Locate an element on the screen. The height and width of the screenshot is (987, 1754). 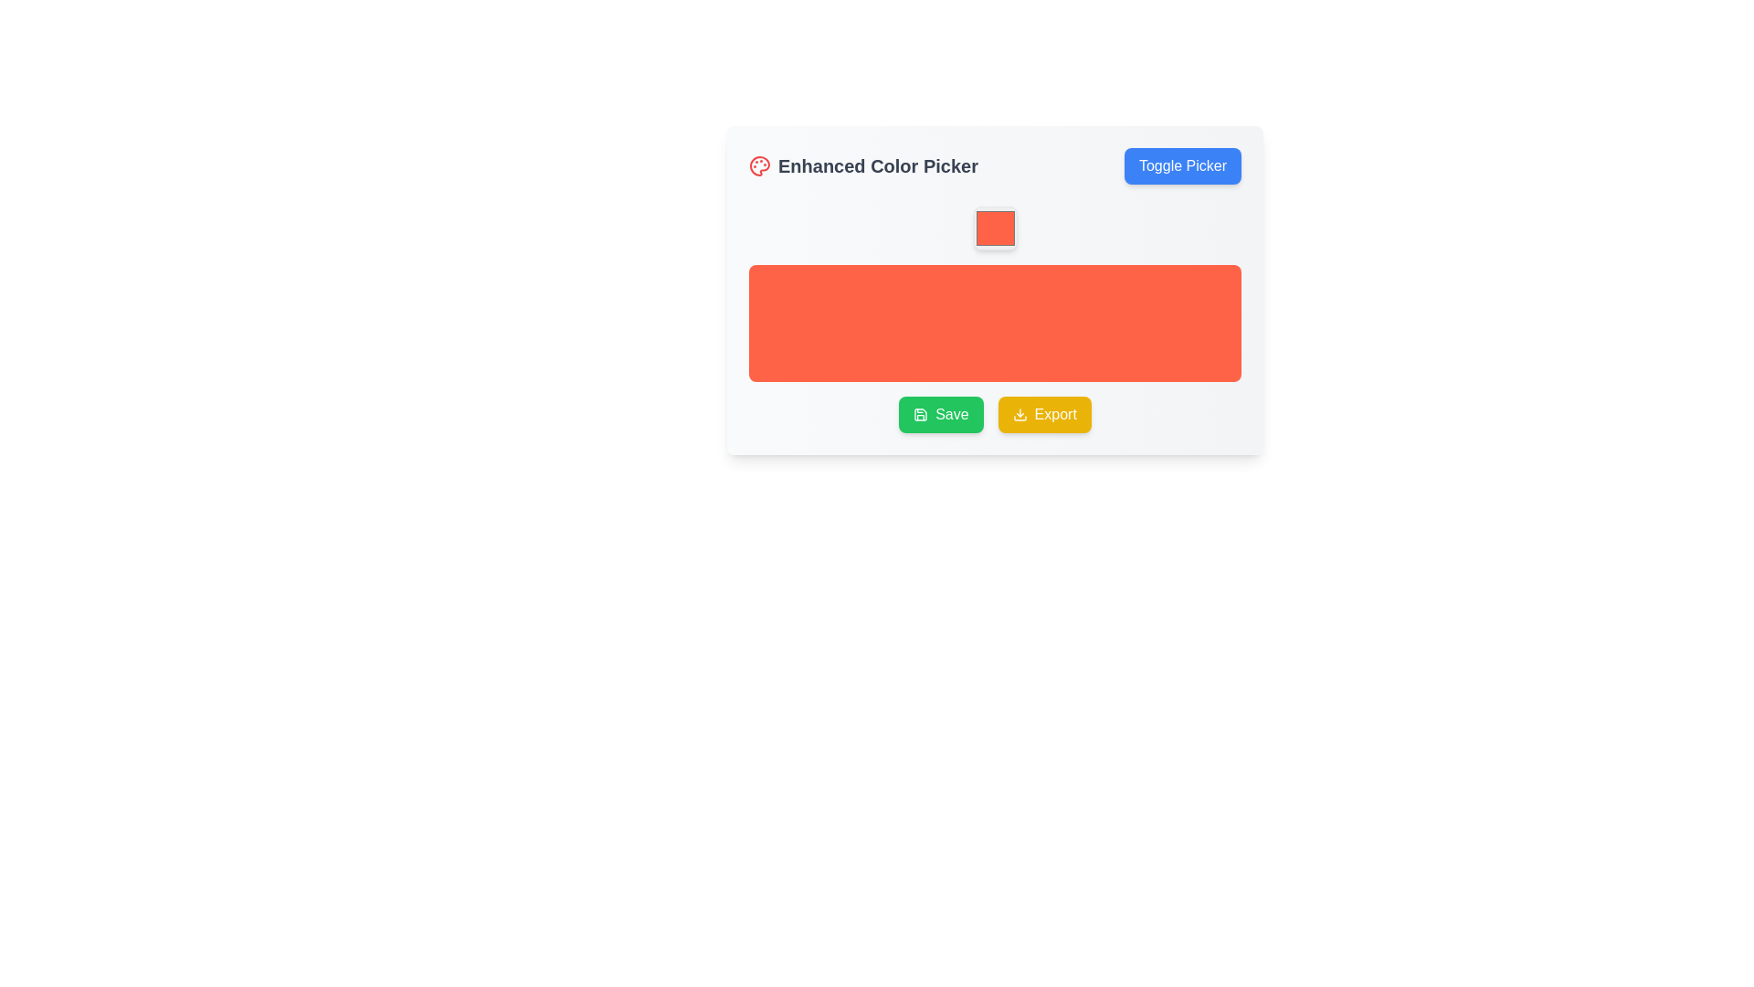
the 'Export' icon located within the 'Export' button at the bottom right-hand corner of the card-like interface is located at coordinates (1019, 415).